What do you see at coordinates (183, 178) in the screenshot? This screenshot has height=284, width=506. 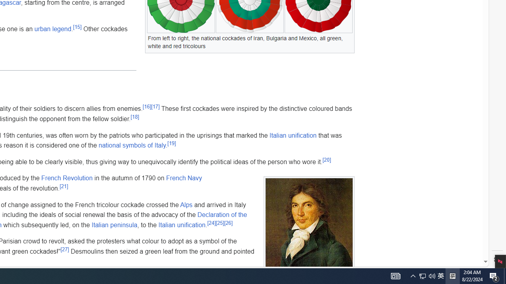 I see `'French Navy'` at bounding box center [183, 178].